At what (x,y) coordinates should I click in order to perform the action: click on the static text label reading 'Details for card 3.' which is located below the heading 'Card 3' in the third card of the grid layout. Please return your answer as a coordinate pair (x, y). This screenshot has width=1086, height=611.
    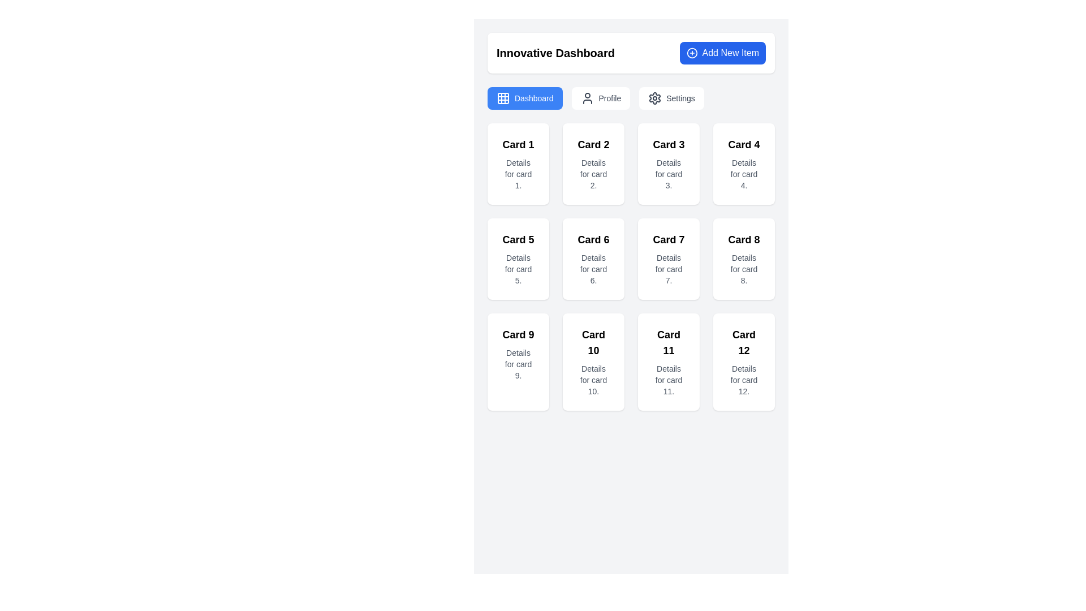
    Looking at the image, I should click on (669, 174).